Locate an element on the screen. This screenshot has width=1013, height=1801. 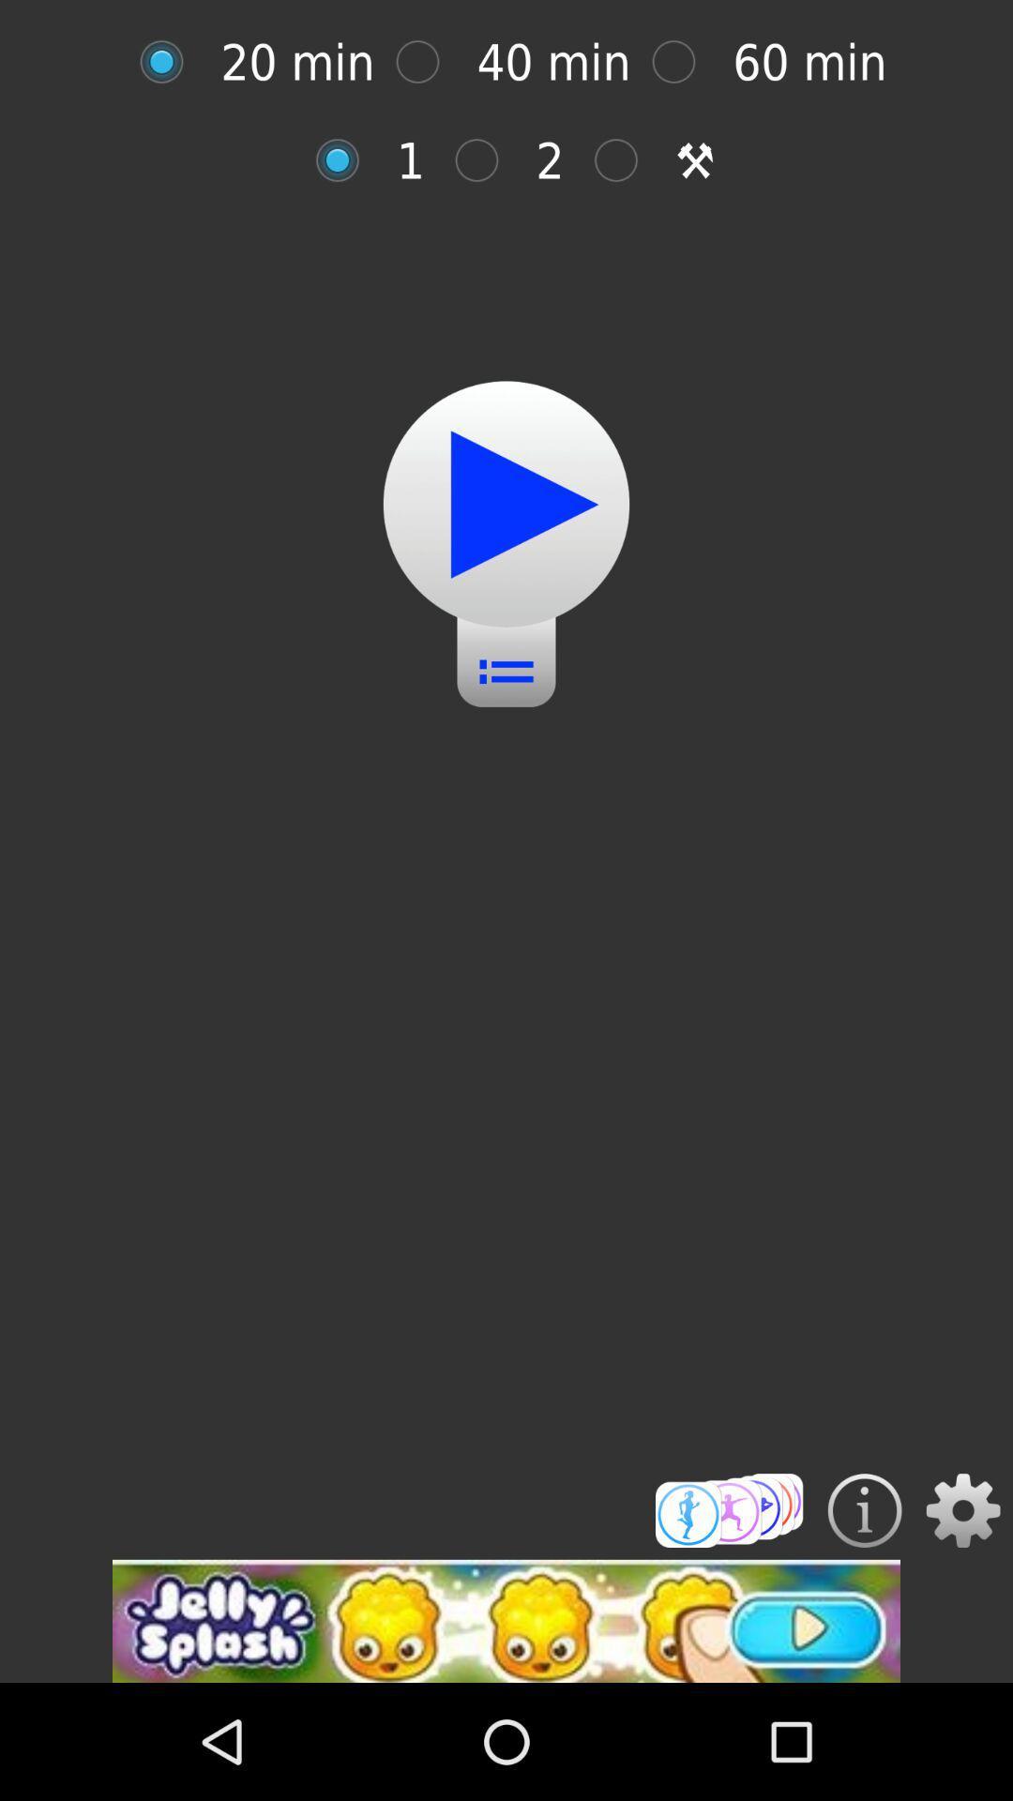
60 min is located at coordinates (684, 62).